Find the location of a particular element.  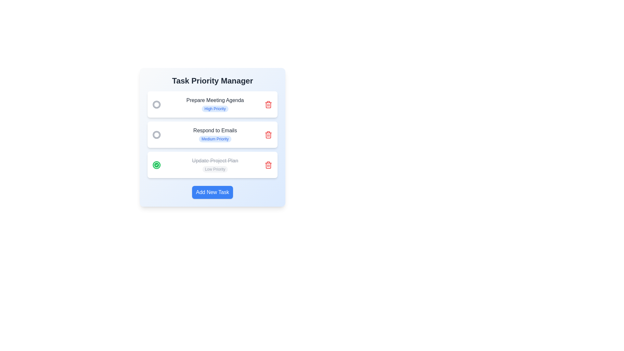

the priority level badge located below the 'Prepare Meeting Agenda' task title in the task list, which indicates the urgency of the associated task is located at coordinates (215, 109).